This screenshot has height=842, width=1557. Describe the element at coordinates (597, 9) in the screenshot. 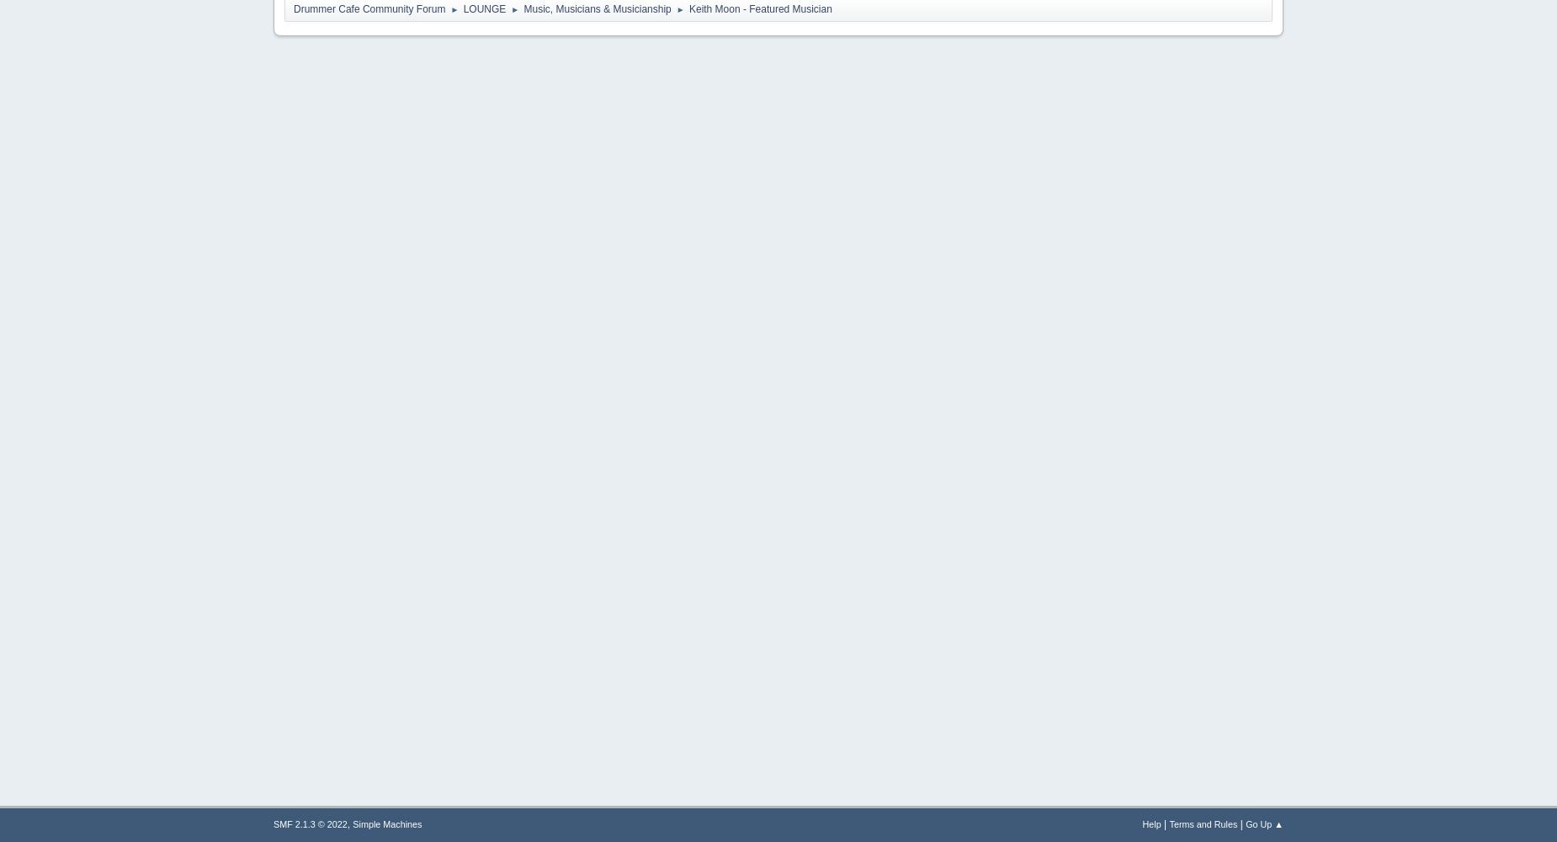

I see `'Music, Musicians & Musicianship'` at that location.